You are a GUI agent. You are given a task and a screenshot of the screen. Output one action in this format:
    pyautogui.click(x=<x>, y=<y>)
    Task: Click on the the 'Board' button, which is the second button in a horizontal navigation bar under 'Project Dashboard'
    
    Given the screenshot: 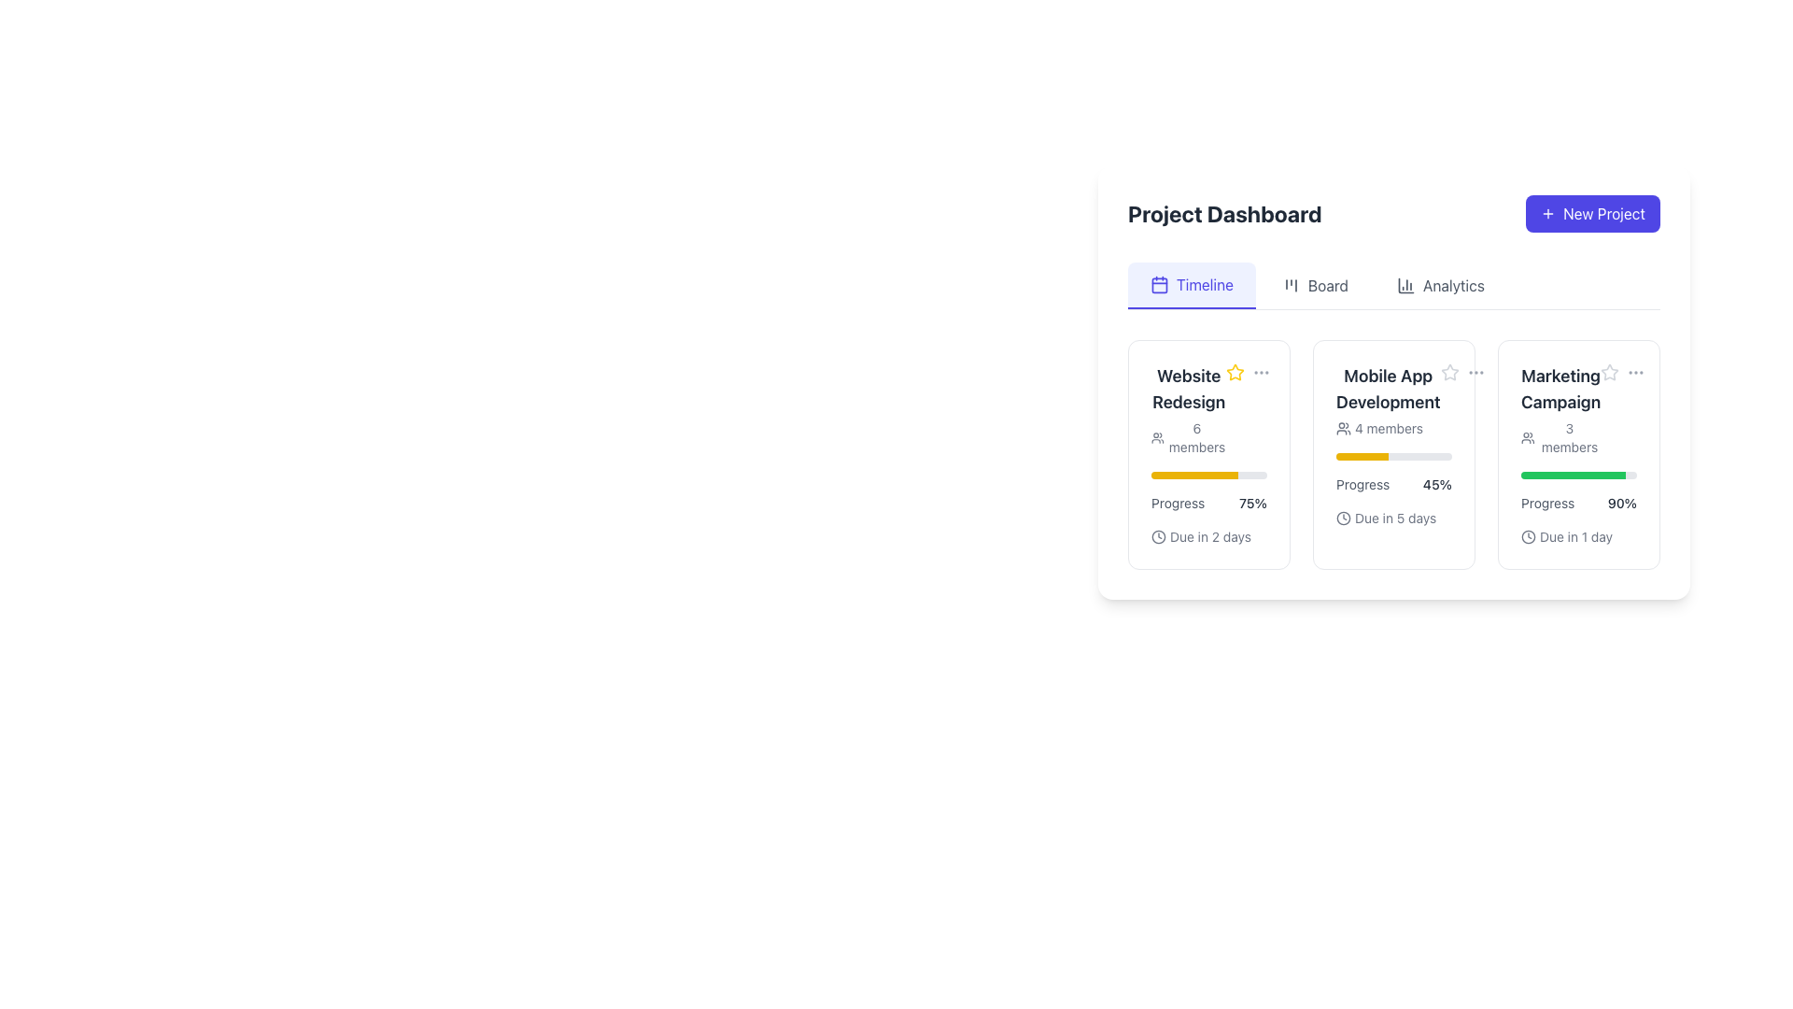 What is the action you would take?
    pyautogui.click(x=1314, y=285)
    